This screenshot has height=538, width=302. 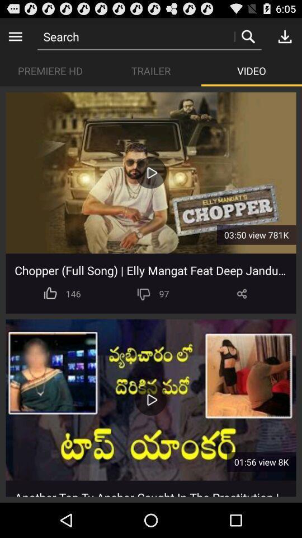 I want to click on the app to the right of the premiere hd icon, so click(x=151, y=70).